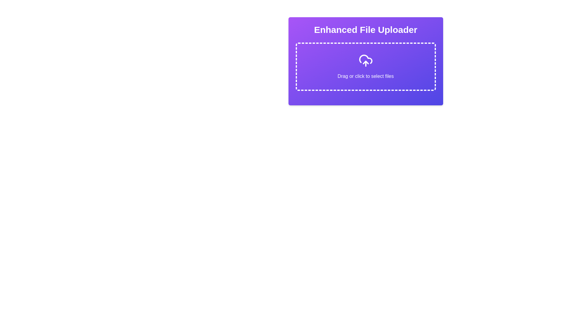 This screenshot has height=326, width=580. What do you see at coordinates (365, 59) in the screenshot?
I see `the cloud upload icon located at the center of the upload area within the 'Enhanced File Uploader' card` at bounding box center [365, 59].